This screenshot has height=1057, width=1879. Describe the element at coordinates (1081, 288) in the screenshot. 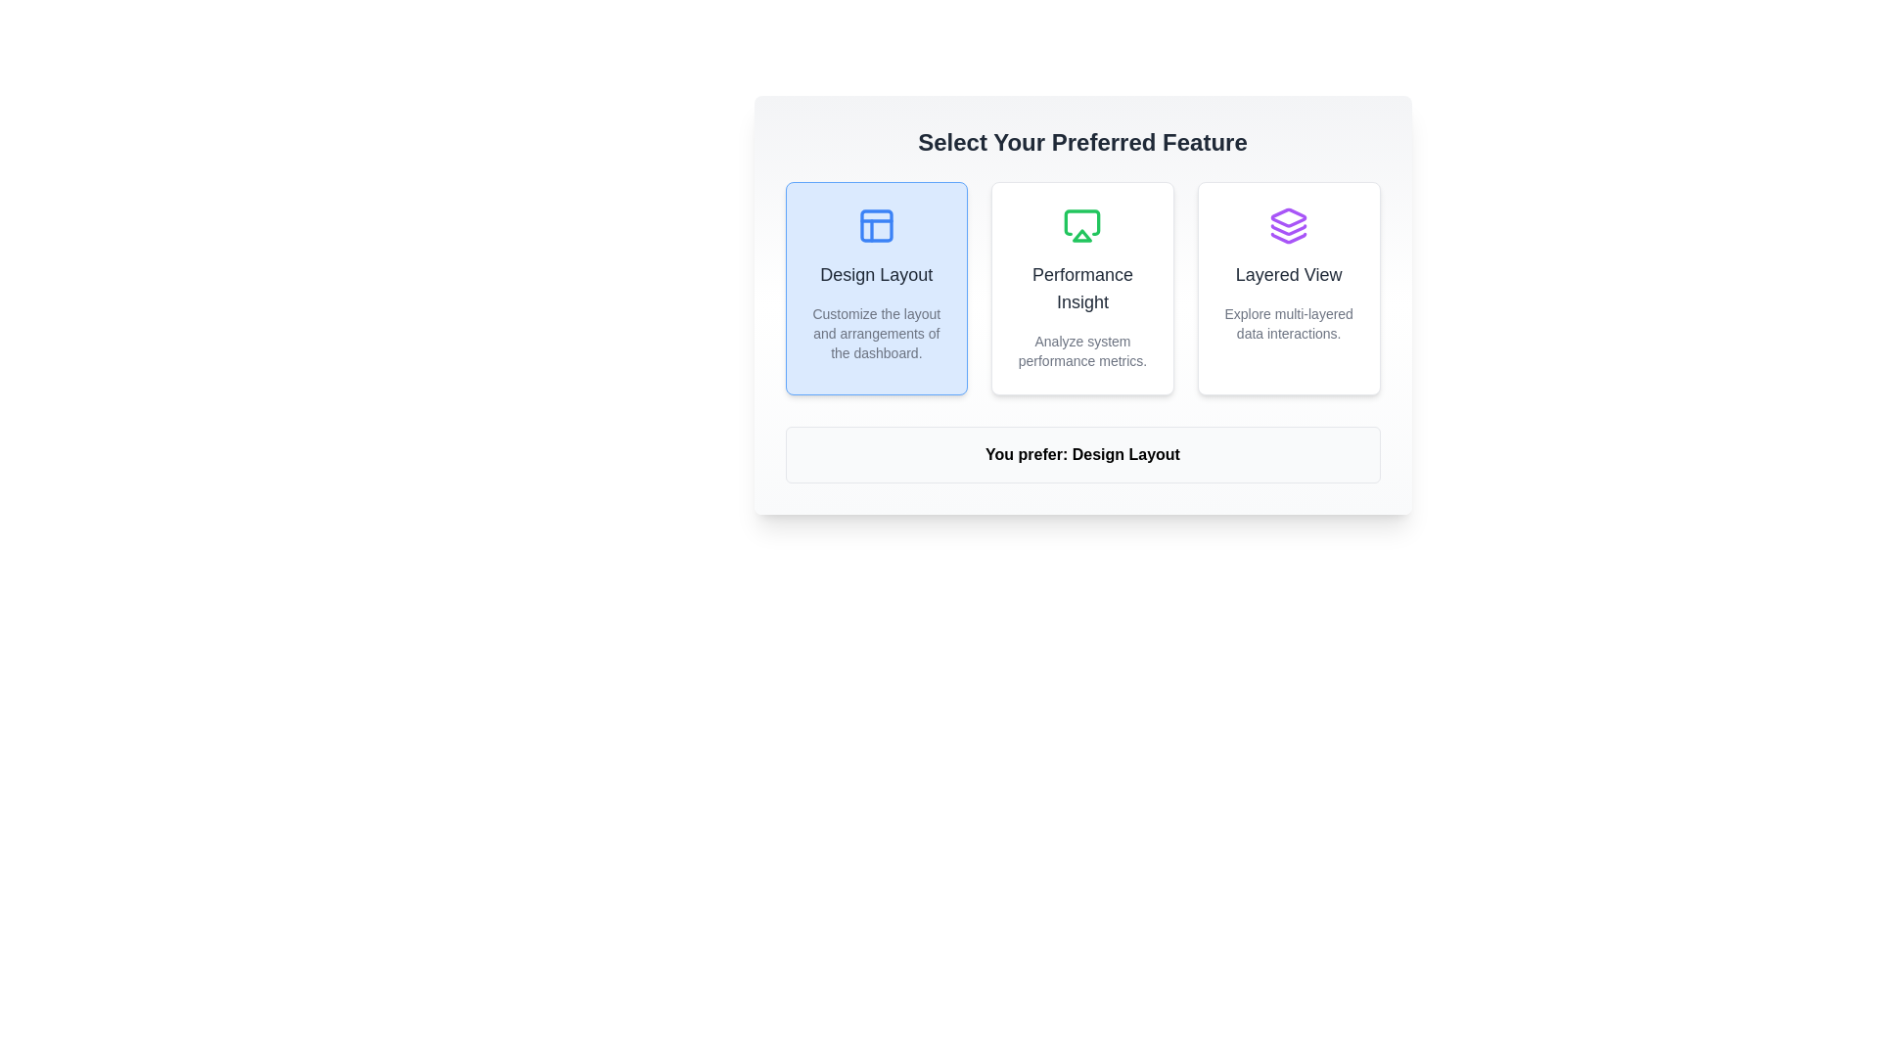

I see `the 'Performance Insight' label, which is a text label styled in large font size and medium weight, located in the middle top of the central card in a three-card layout` at that location.